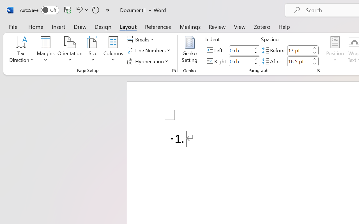 The width and height of the screenshot is (359, 224). I want to click on 'Breaks', so click(141, 39).